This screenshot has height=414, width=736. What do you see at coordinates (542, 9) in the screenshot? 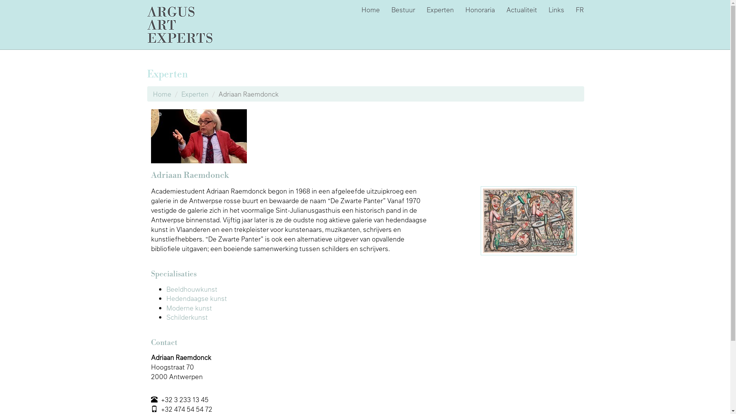
I see `'Links'` at bounding box center [542, 9].